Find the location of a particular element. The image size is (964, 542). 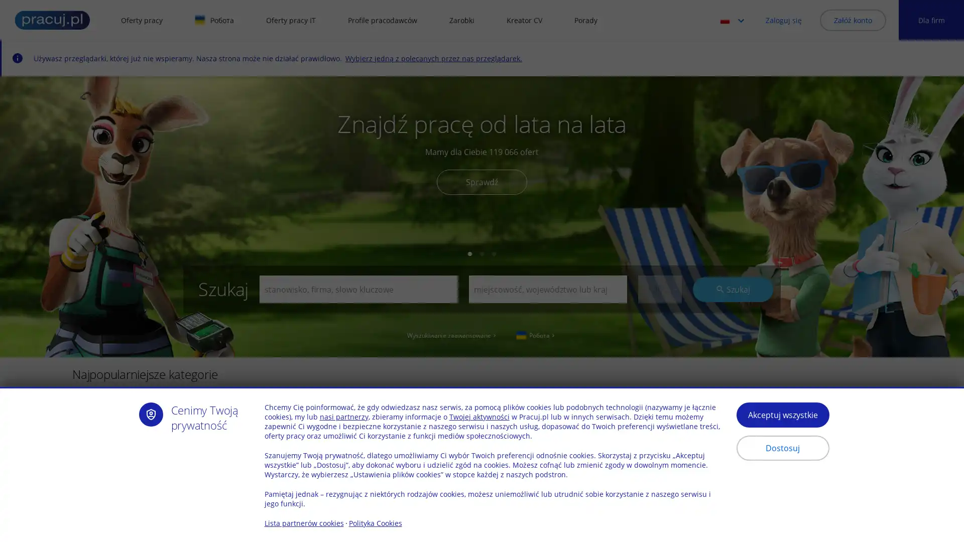

+ 75 km is located at coordinates (659, 475).